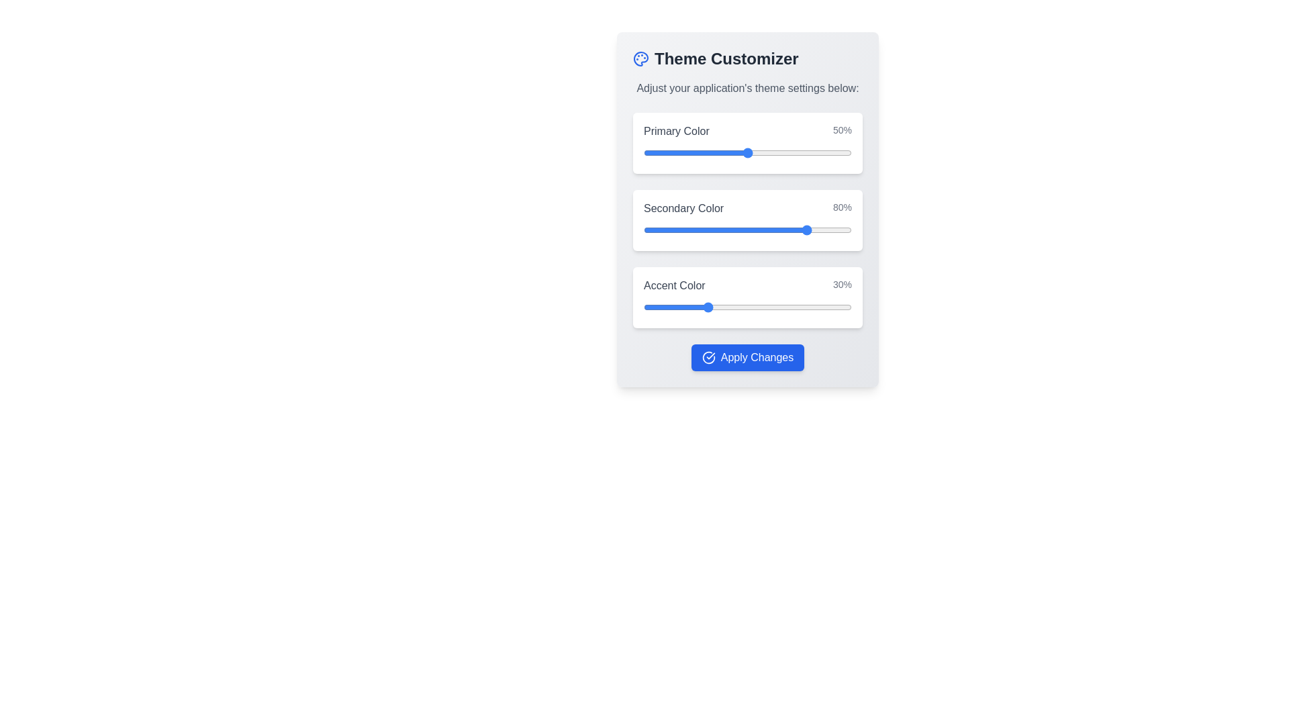 Image resolution: width=1289 pixels, height=725 pixels. What do you see at coordinates (708, 356) in the screenshot?
I see `the circular checkmark icon with a blue background located to the left of the 'Apply Changes' button in the 'Theme Customizer' section` at bounding box center [708, 356].